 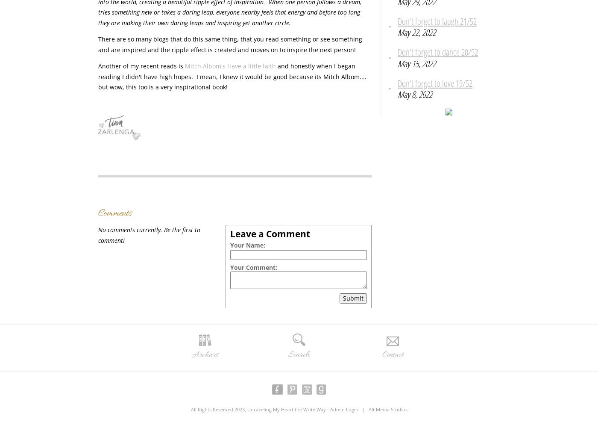 I want to click on 'Don't forget to dance 20/52', so click(x=437, y=52).